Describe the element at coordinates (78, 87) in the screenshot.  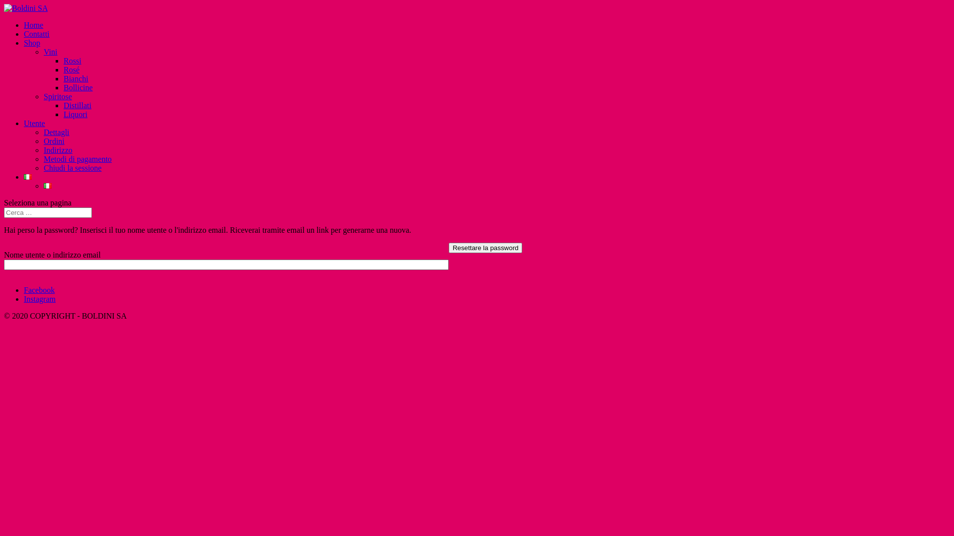
I see `'Bollicine'` at that location.